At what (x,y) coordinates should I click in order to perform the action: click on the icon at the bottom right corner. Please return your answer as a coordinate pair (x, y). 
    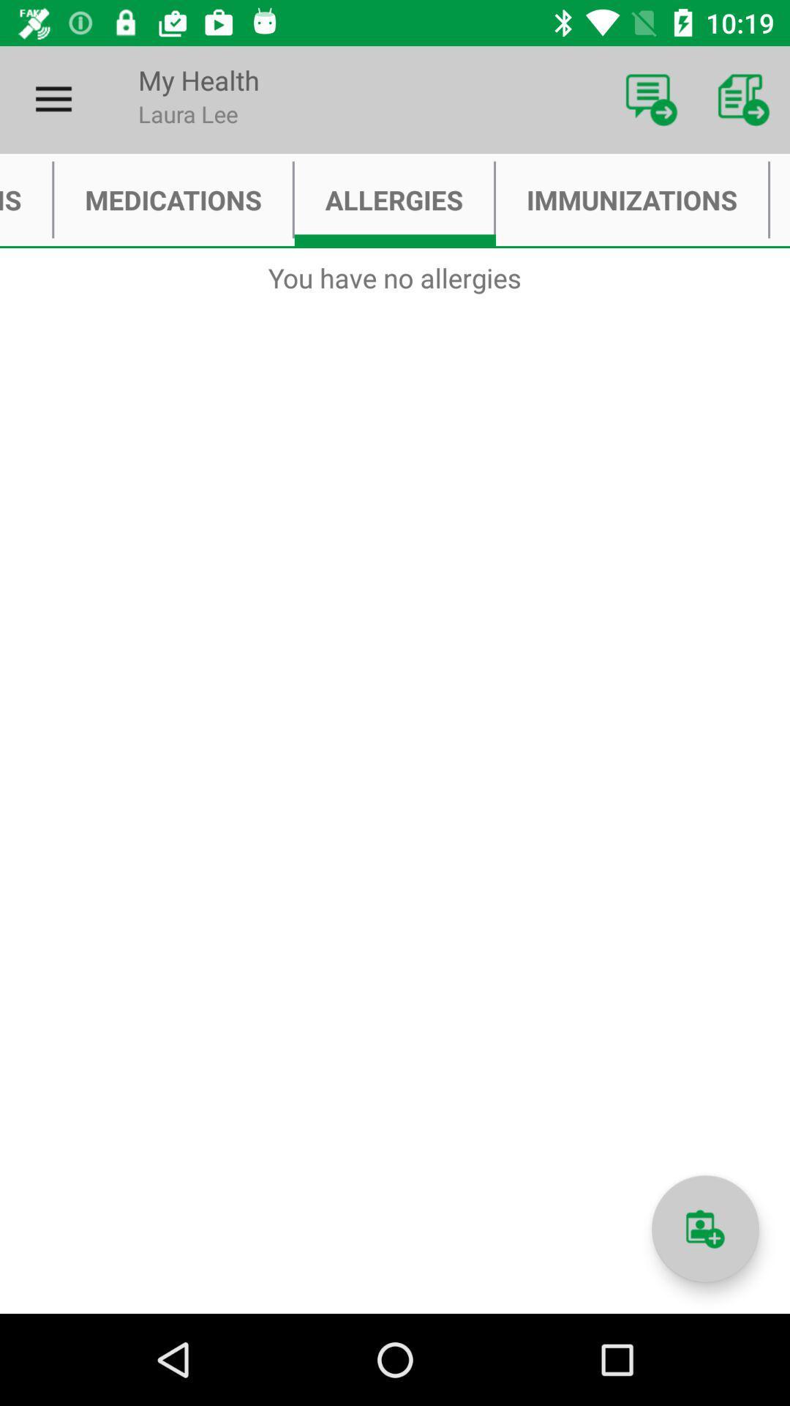
    Looking at the image, I should click on (704, 1229).